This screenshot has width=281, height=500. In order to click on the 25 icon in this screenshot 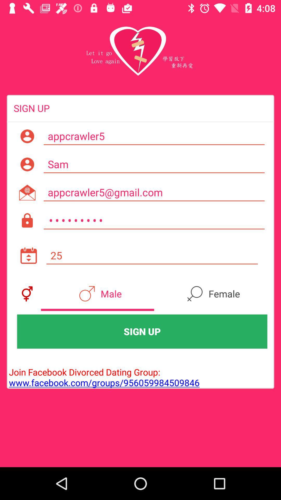, I will do `click(152, 255)`.